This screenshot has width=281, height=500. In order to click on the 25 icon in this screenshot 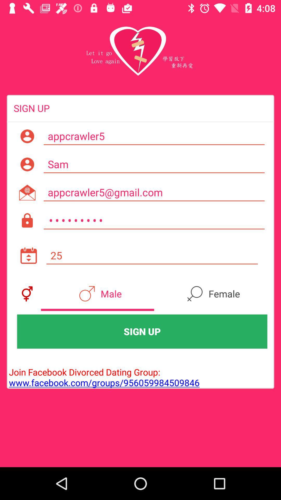, I will do `click(152, 255)`.